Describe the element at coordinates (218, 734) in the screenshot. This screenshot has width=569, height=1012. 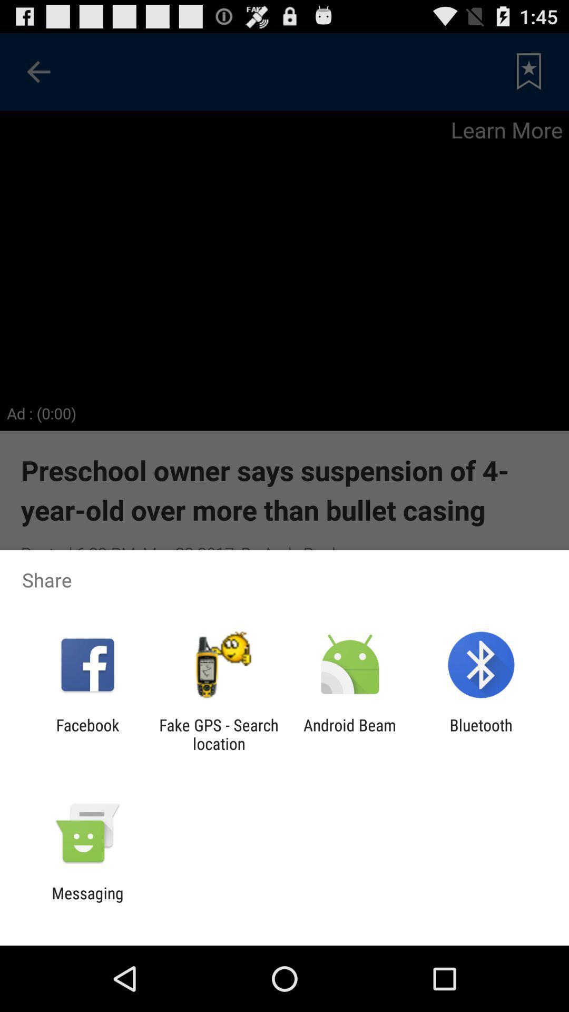
I see `the icon next to the facebook icon` at that location.